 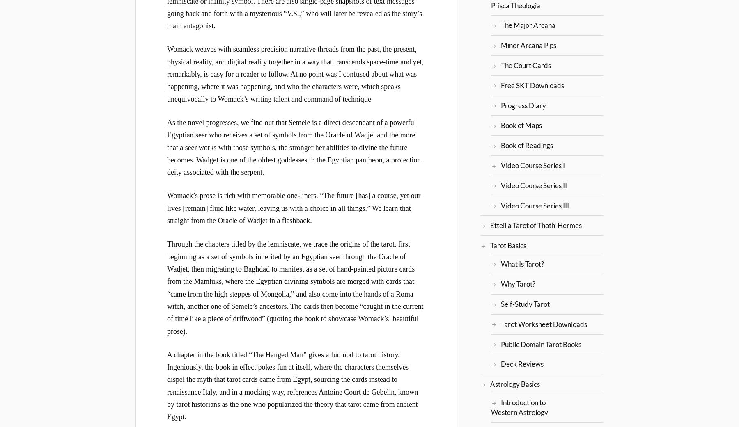 I want to click on 'As the novel progresses, we find out that Semele is a direct descendant of a powerful Egyptian seer who receives a set of symbols from the Oracle of Wadjet and the more that a seer works with those symbols, the stronger her abilities to divine the future becomes. Wadget is one of the oldest goddesses in the Egyptian pantheon, a protection deity associated with the serpent.', so click(x=294, y=147).